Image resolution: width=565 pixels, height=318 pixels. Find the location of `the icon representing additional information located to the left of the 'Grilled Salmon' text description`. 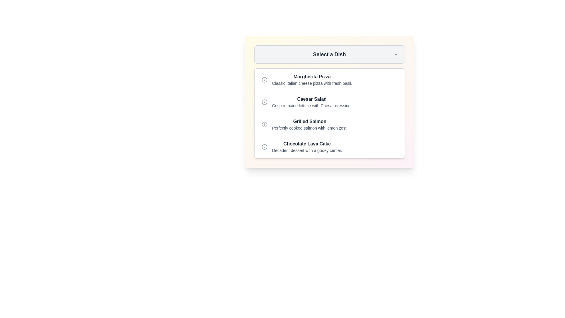

the icon representing additional information located to the left of the 'Grilled Salmon' text description is located at coordinates (264, 124).